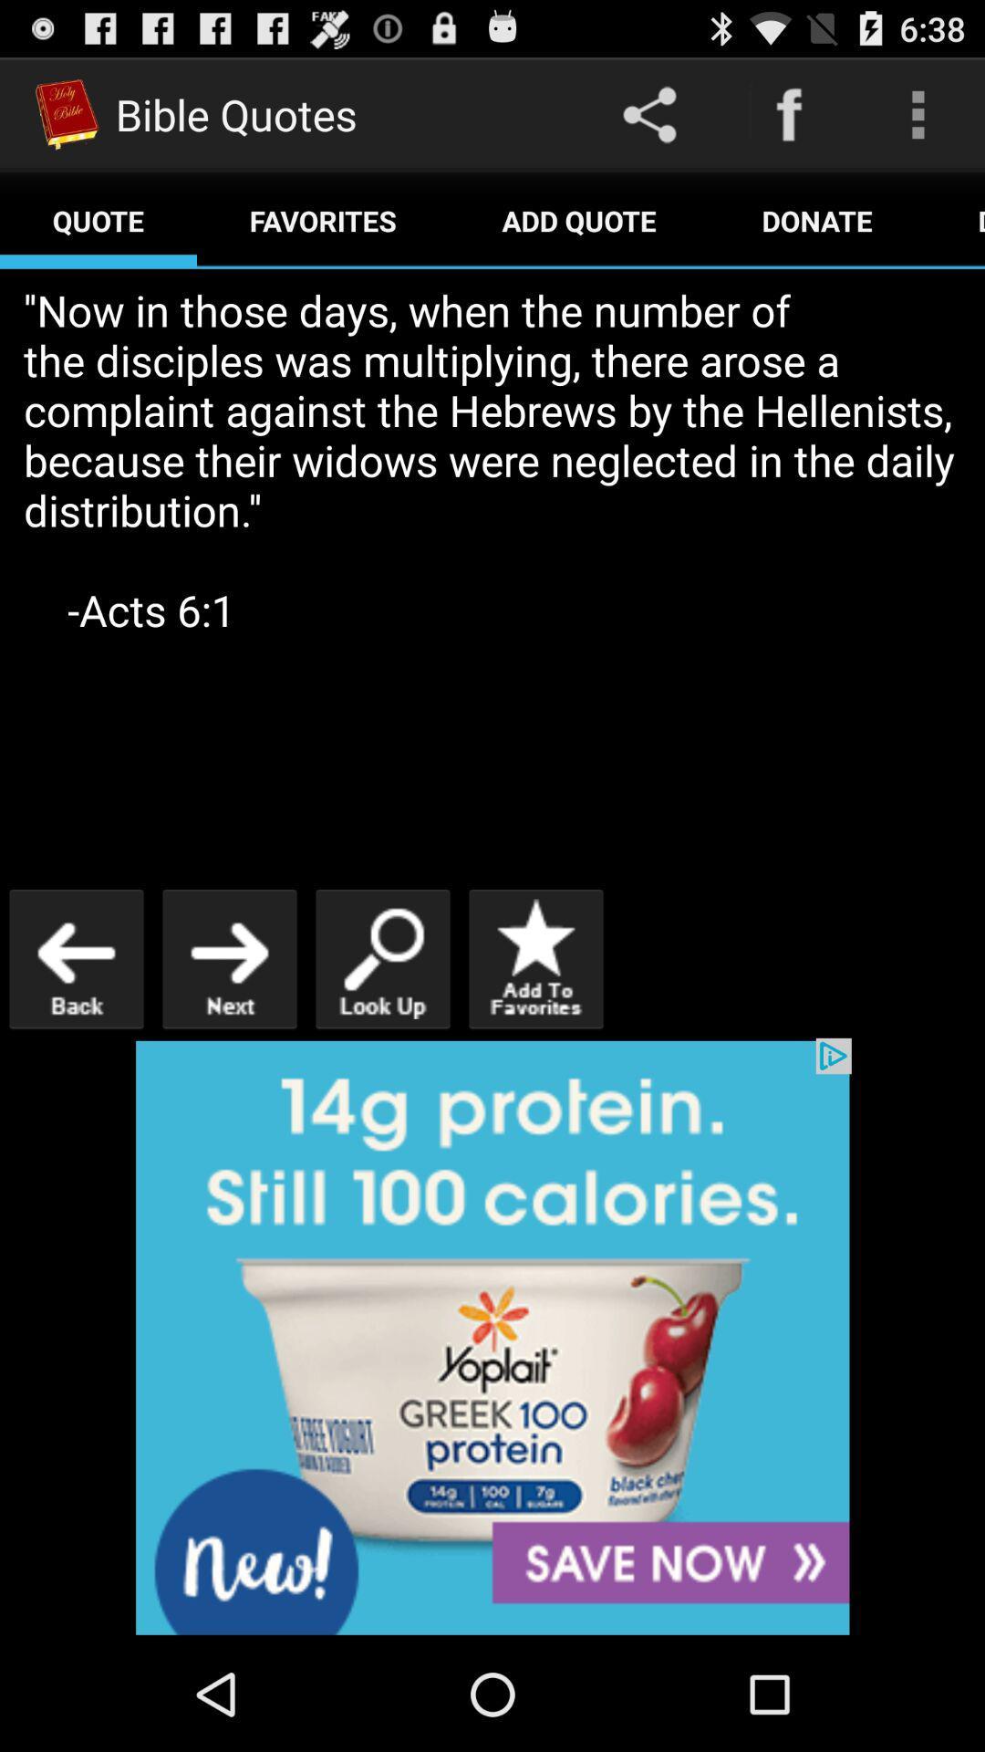 This screenshot has height=1752, width=985. I want to click on the arrow_backward icon, so click(76, 1026).